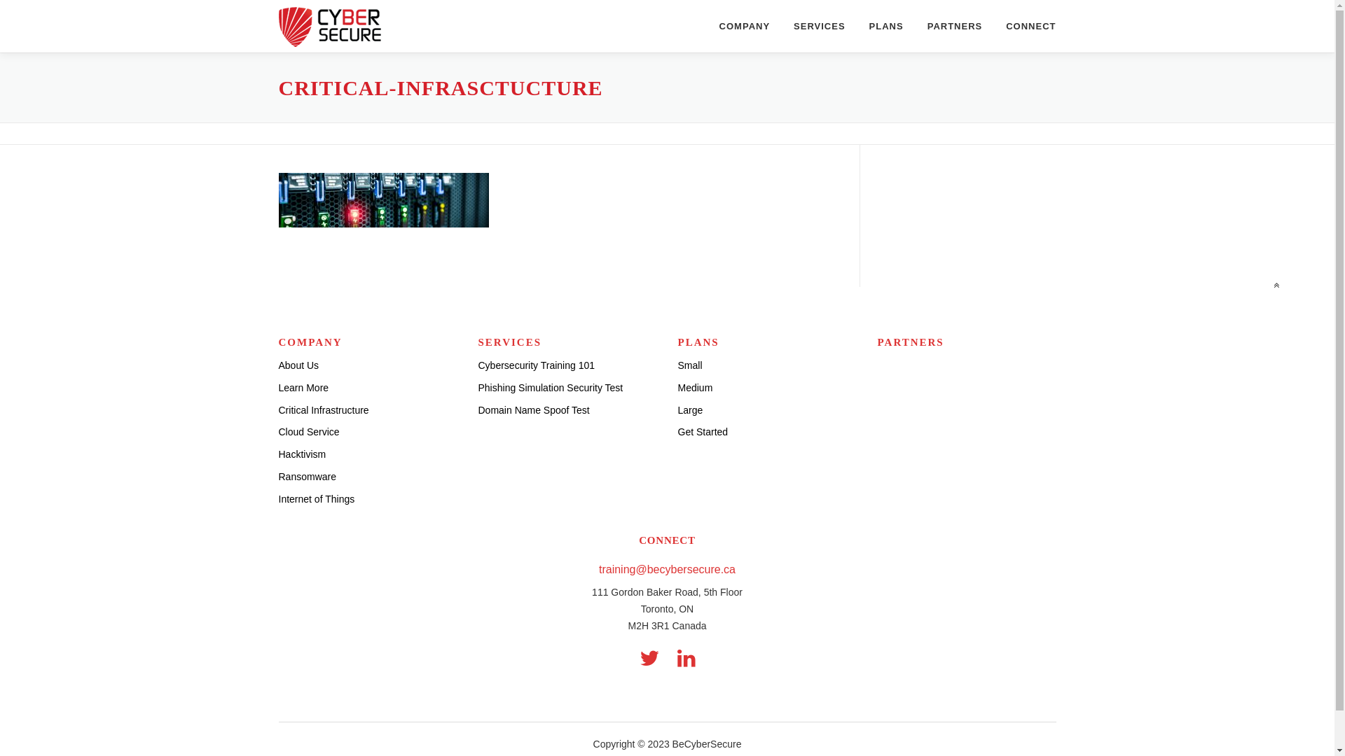 Image resolution: width=1345 pixels, height=756 pixels. Describe the element at coordinates (535, 364) in the screenshot. I see `'Cybersecurity Training 101'` at that location.